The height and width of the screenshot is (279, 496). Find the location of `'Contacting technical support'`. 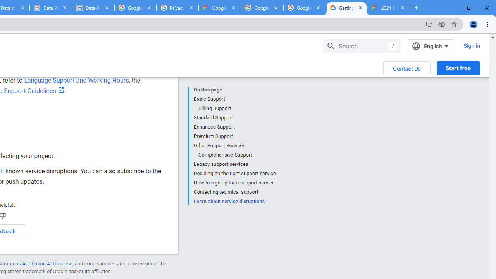

'Contacting technical support' is located at coordinates (234, 192).